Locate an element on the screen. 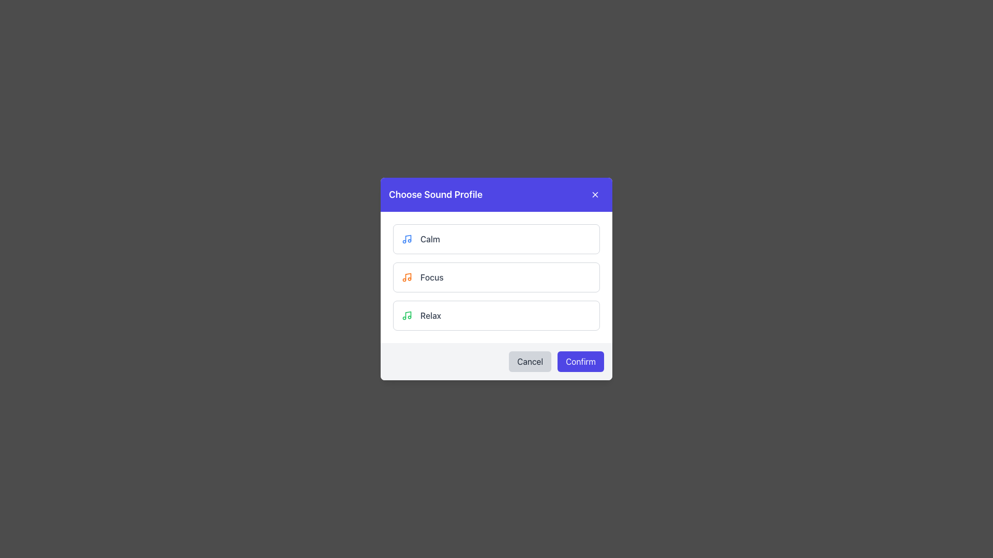  the 'Relax' sound profile button in the 'Choose Sound Profile' modal is located at coordinates (496, 315).